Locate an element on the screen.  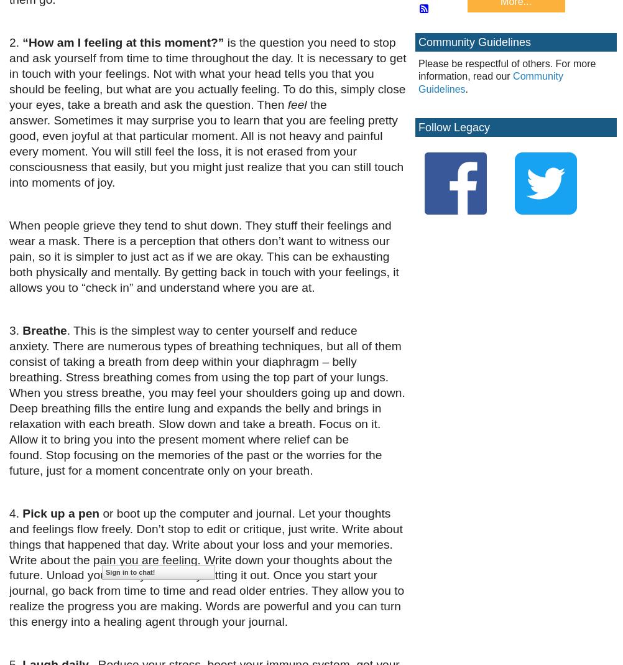
'Please be respectful of others. For more information, read our' is located at coordinates (418, 70).